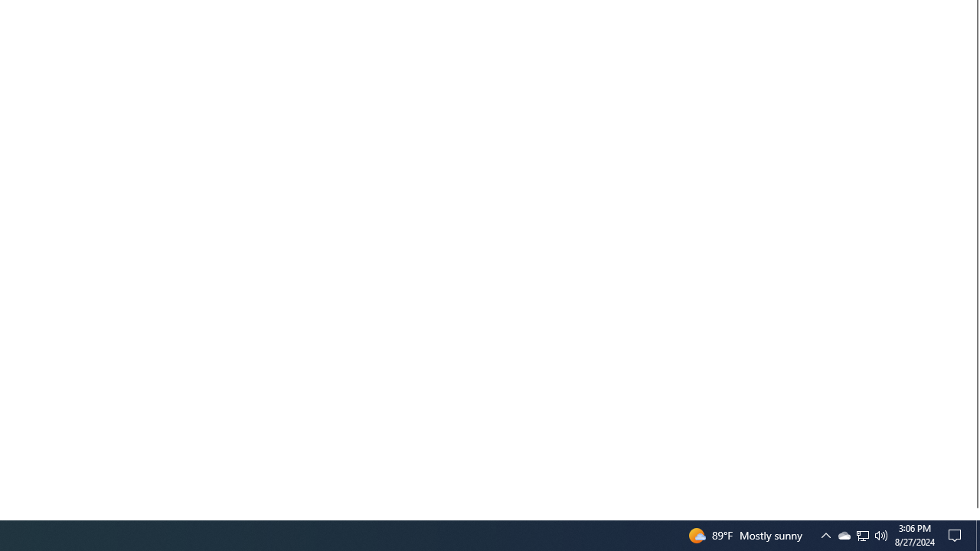 The width and height of the screenshot is (980, 551). Describe the element at coordinates (881, 534) in the screenshot. I see `'Q2790: 100%'` at that location.